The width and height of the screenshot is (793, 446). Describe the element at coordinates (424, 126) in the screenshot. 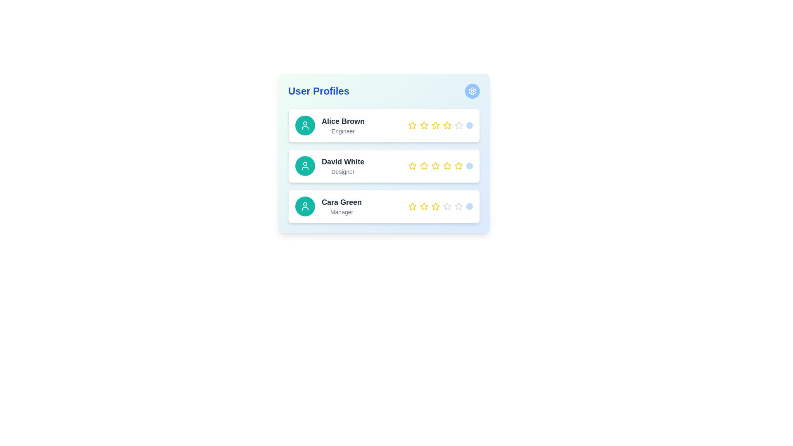

I see `the second star icon in the rating row associated with 'Alice Brown'` at that location.